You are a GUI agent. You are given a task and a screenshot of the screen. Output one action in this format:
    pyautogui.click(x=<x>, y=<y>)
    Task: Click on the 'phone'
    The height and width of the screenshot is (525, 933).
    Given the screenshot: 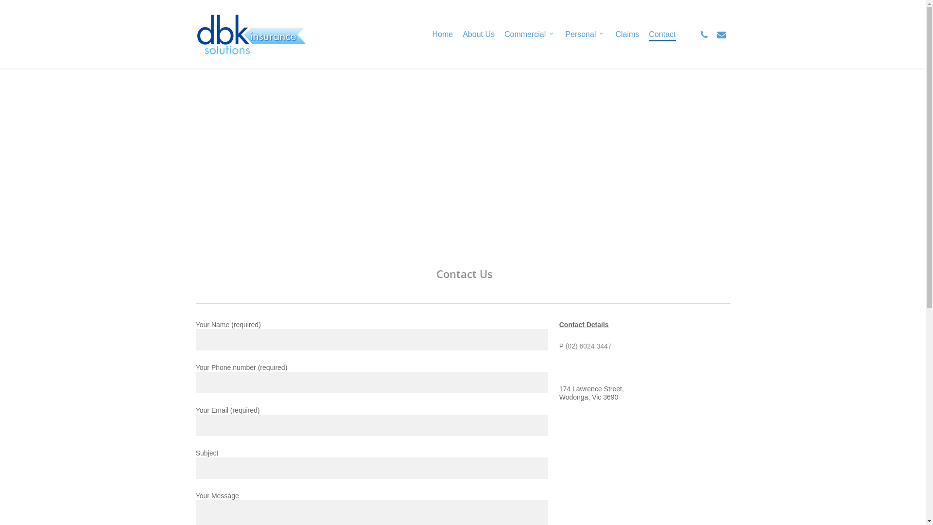 What is the action you would take?
    pyautogui.click(x=704, y=34)
    